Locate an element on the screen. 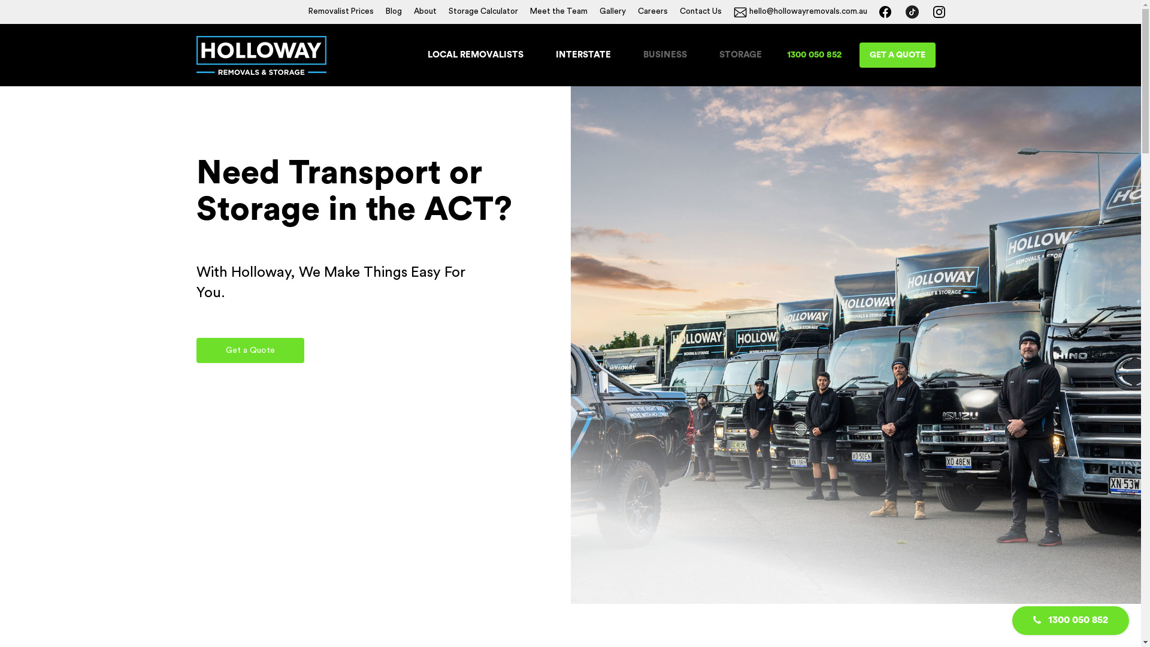  'Careers' is located at coordinates (652, 11).